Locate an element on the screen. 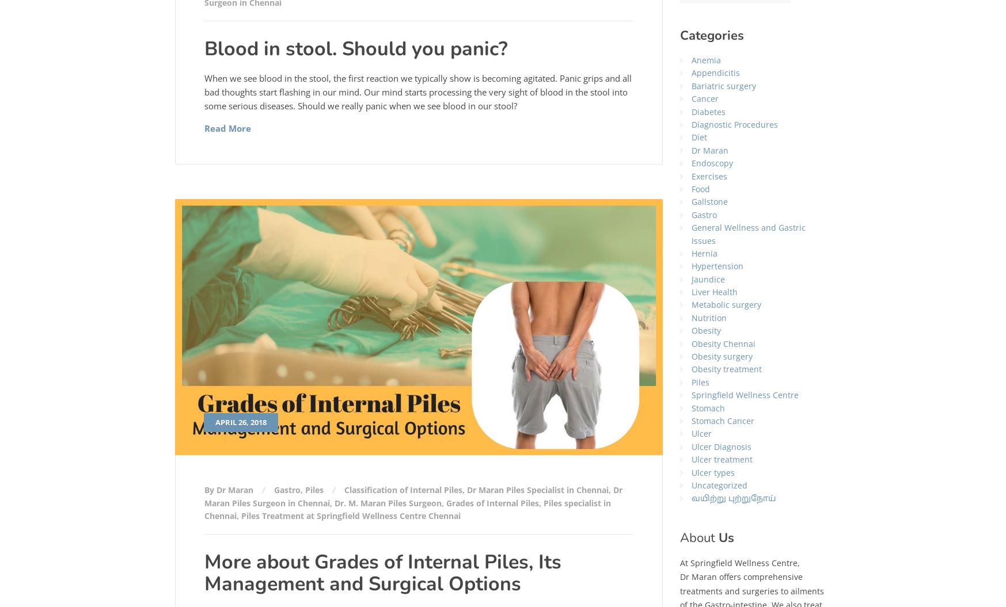 The image size is (1006, 607). 'Dr Maran' is located at coordinates (710, 150).